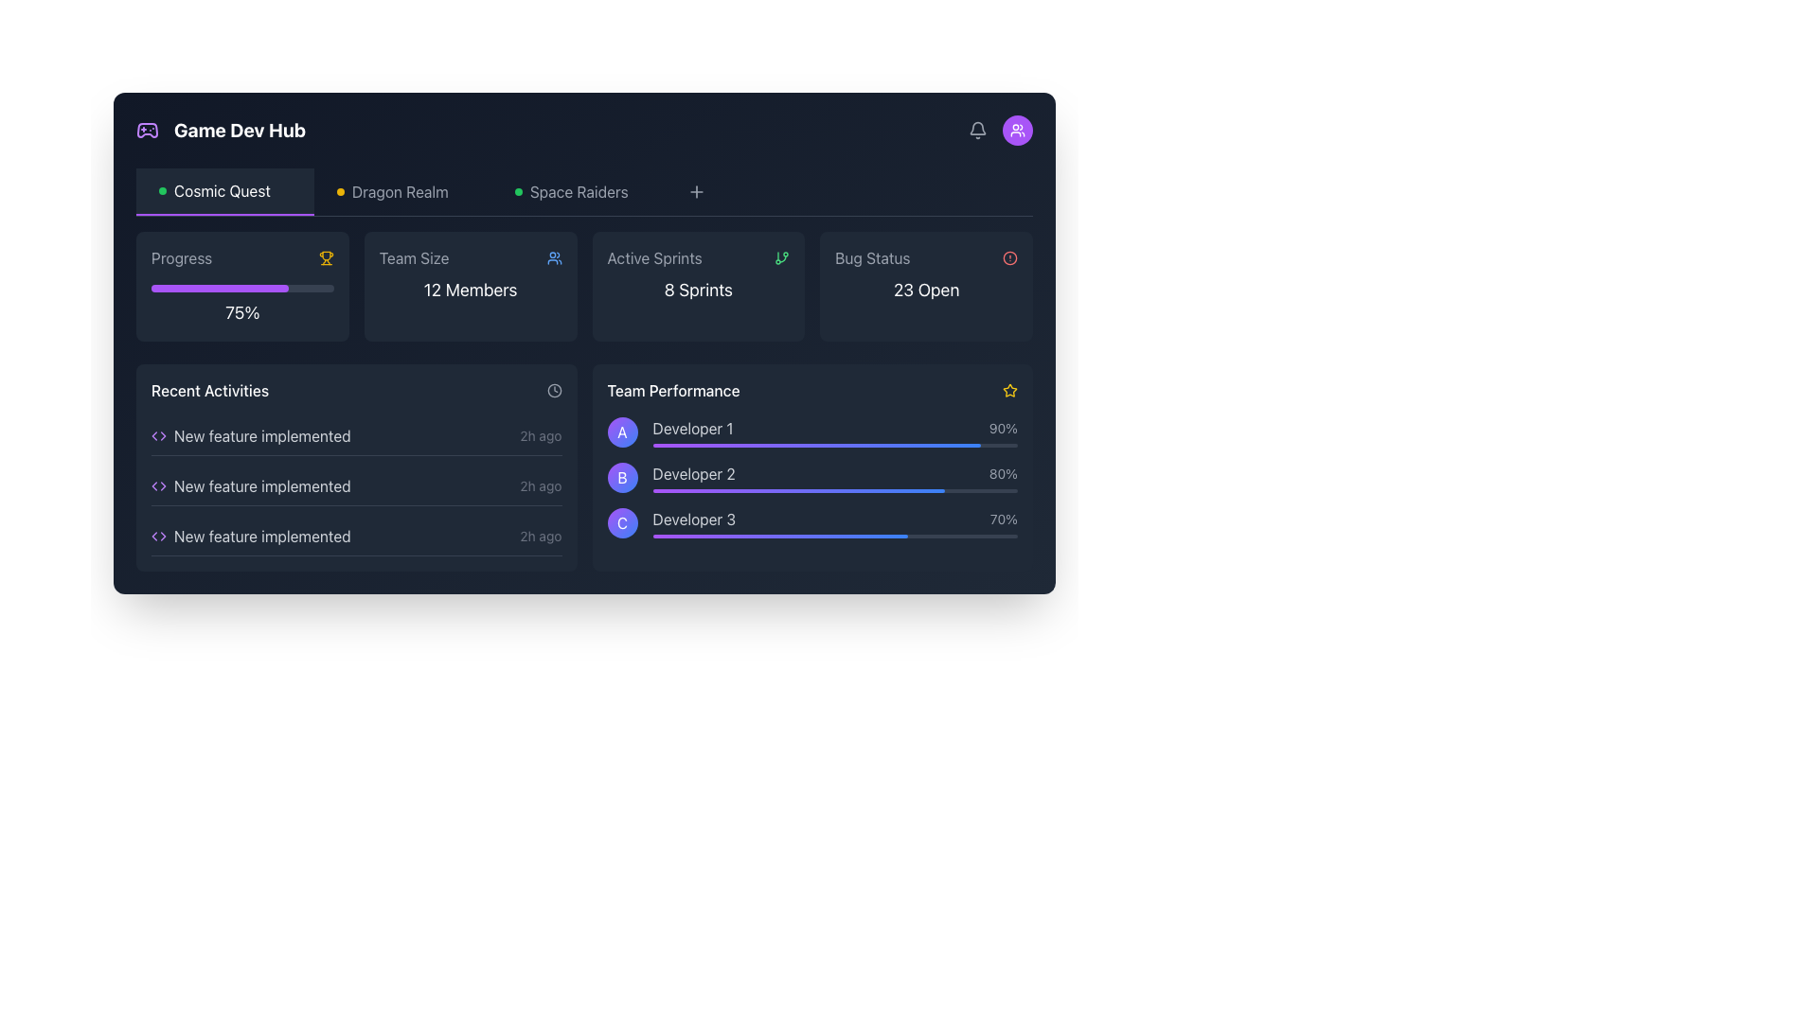 The width and height of the screenshot is (1818, 1022). What do you see at coordinates (834, 490) in the screenshot?
I see `the visual progress of the progress bar for 'Developer 2' located in the 'Team Performance' section` at bounding box center [834, 490].